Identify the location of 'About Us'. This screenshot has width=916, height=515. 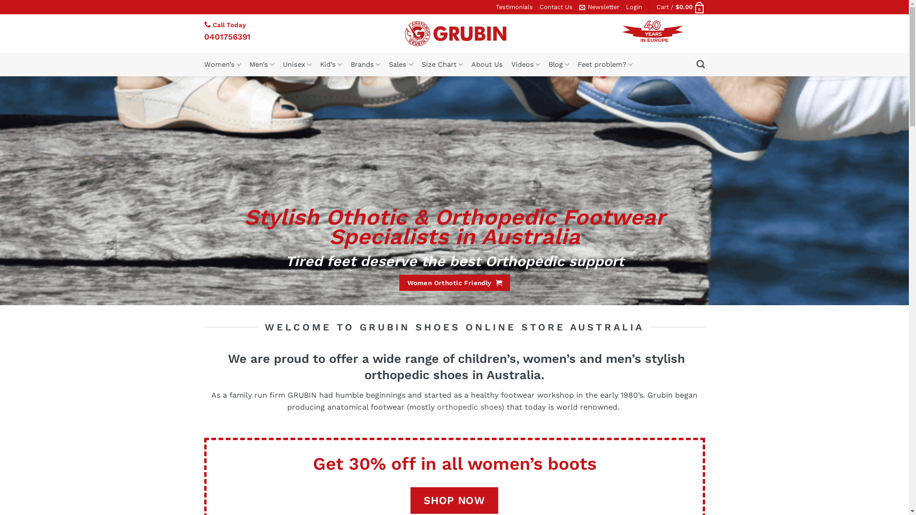
(487, 64).